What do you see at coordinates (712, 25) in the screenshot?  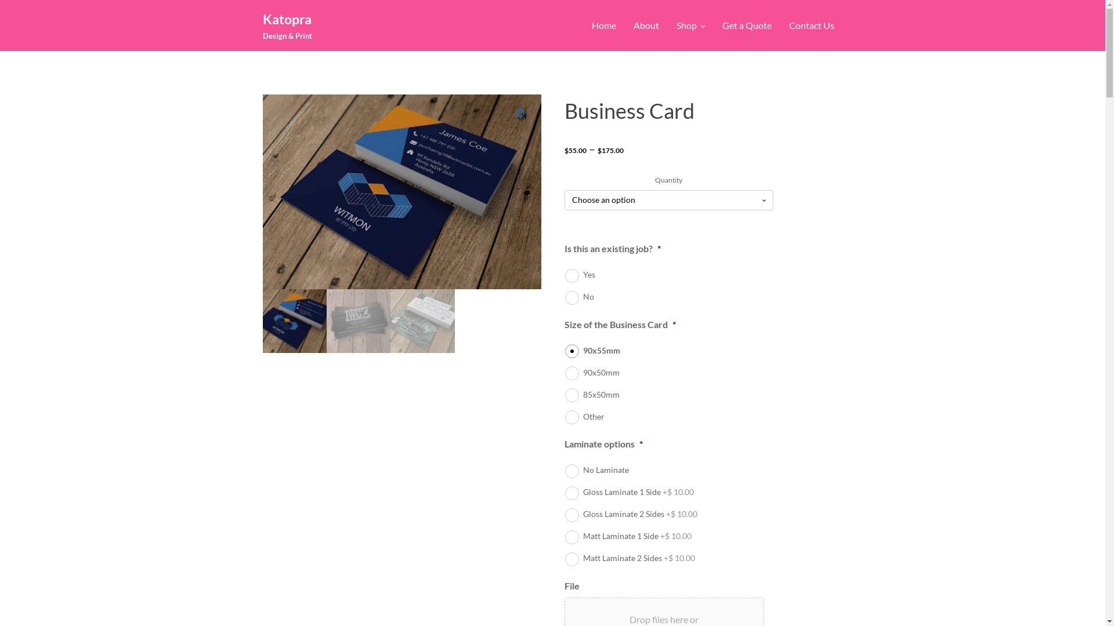 I see `'Get a Quote'` at bounding box center [712, 25].